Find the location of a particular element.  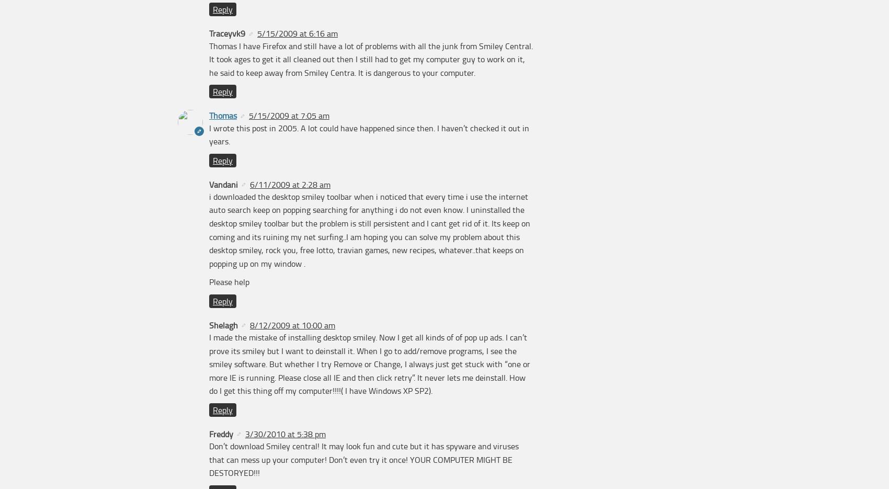

'Vandani' is located at coordinates (223, 184).